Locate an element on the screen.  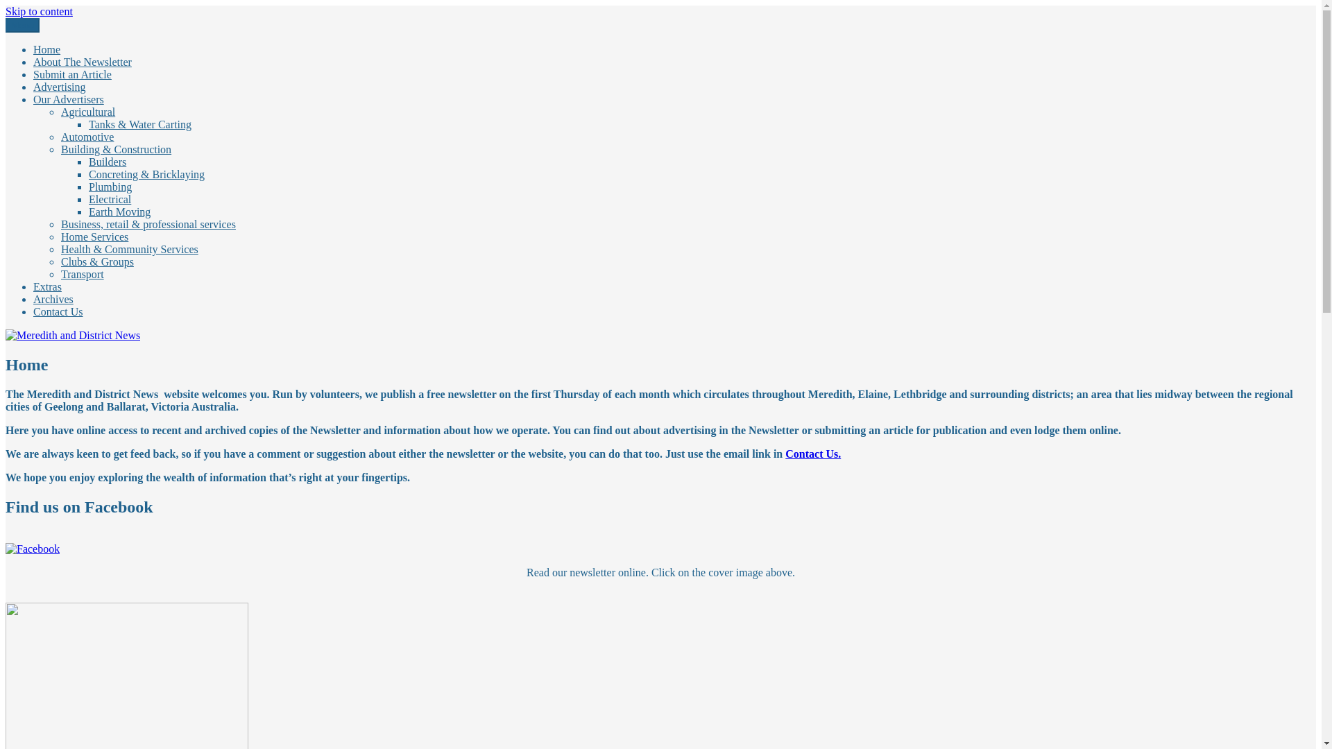
'Agricultural' is located at coordinates (87, 111).